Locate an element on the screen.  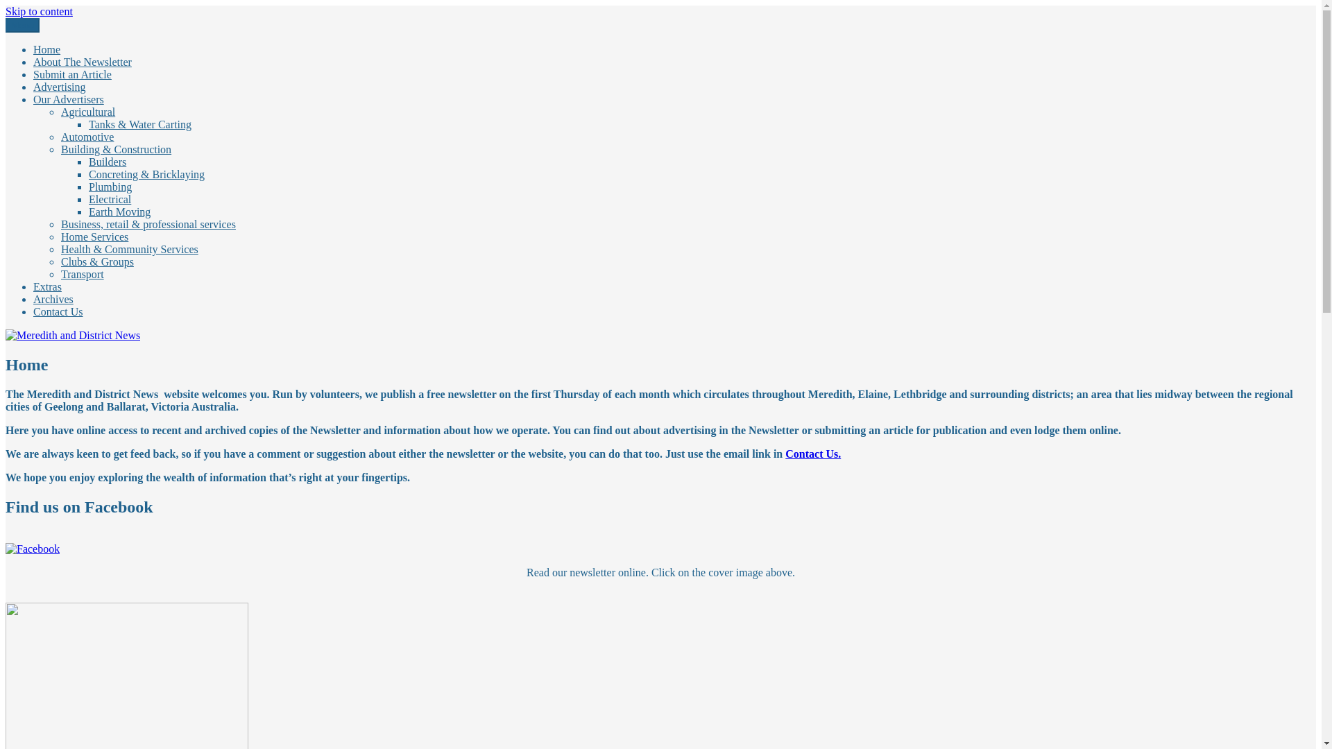
'Agricultural' is located at coordinates (87, 111).